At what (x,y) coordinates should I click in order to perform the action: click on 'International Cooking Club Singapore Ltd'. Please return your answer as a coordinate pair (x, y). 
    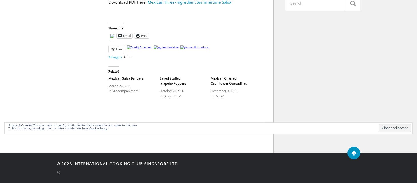
    Looking at the image, I should click on (125, 163).